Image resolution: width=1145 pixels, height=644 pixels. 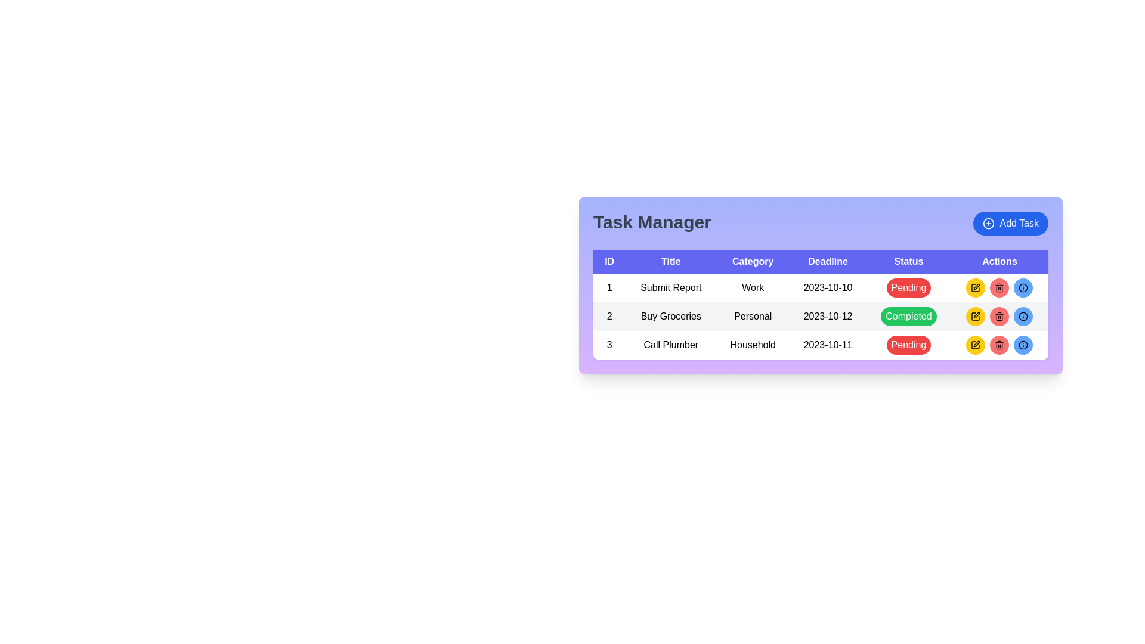 I want to click on the position of the blue circular SVG graphic with a thin black border, located at the center of the 'Add Task' button in the top-right corner of the interface, so click(x=1023, y=287).